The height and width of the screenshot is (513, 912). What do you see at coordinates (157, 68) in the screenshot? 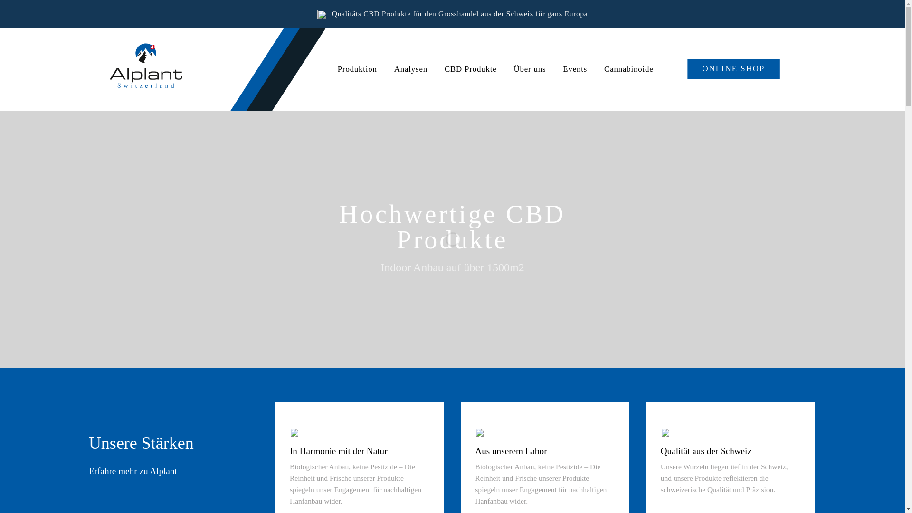
I see `'Alplant - Hochwertige CBD Produkte'` at bounding box center [157, 68].